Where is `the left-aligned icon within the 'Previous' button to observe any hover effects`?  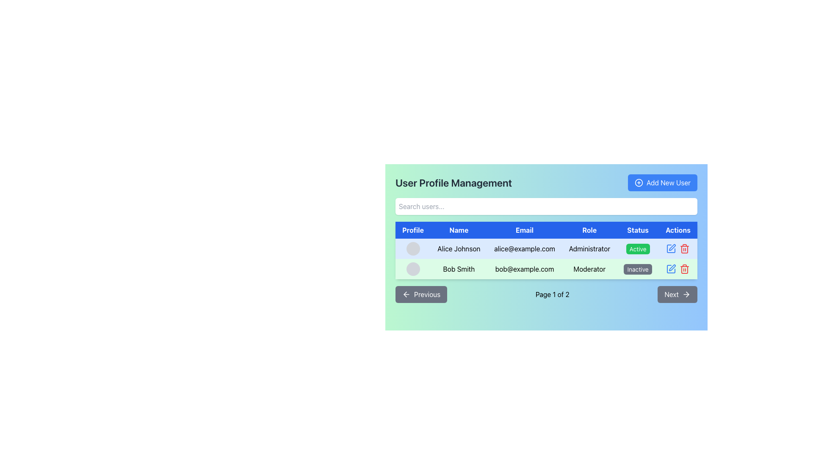
the left-aligned icon within the 'Previous' button to observe any hover effects is located at coordinates (406, 294).